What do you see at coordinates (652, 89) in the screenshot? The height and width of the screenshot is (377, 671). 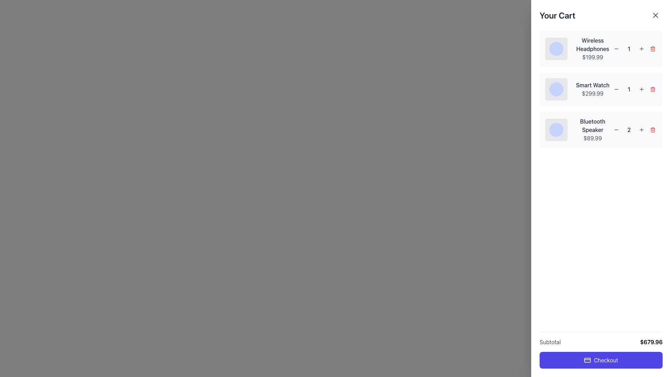 I see `the Trash can icon (delete button)` at bounding box center [652, 89].